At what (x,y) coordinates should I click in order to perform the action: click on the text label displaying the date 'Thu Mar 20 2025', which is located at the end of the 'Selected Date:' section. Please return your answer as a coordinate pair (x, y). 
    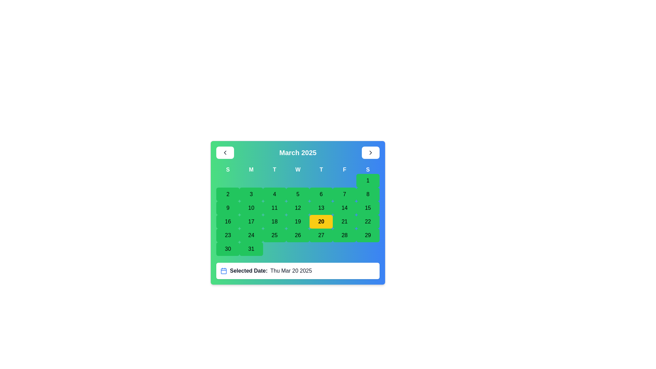
    Looking at the image, I should click on (291, 271).